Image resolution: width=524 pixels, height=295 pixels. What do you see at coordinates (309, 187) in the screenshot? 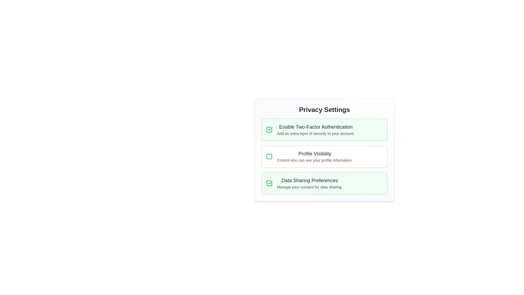
I see `the static text 'Manage your consent for data sharing.' which is located under the 'Data Sharing Preferences' heading in a card layout` at bounding box center [309, 187].